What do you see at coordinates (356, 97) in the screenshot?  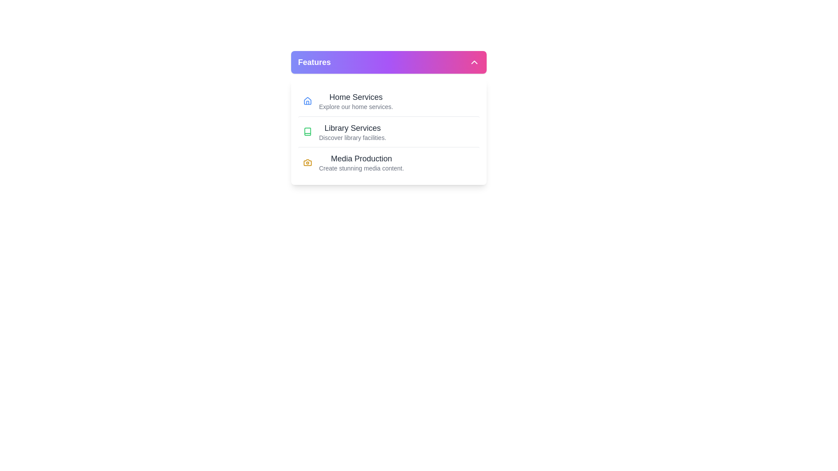 I see `the 'Home Services' text label, which is styled with a medium-weight font and dark gray color, positioned within a card interface below an icon and above the phrase 'Explore our home services'` at bounding box center [356, 97].